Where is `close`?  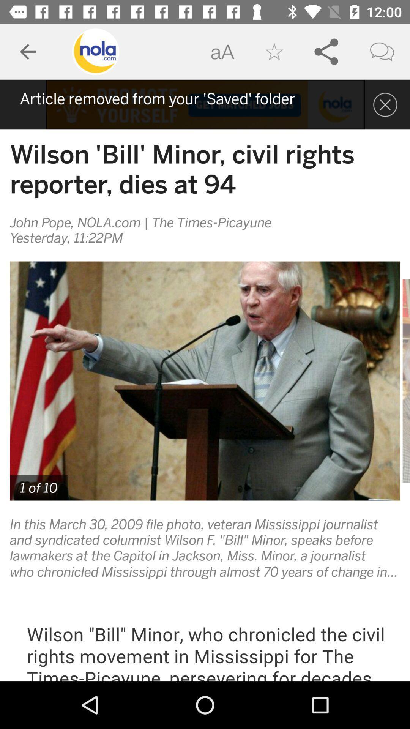
close is located at coordinates (385, 104).